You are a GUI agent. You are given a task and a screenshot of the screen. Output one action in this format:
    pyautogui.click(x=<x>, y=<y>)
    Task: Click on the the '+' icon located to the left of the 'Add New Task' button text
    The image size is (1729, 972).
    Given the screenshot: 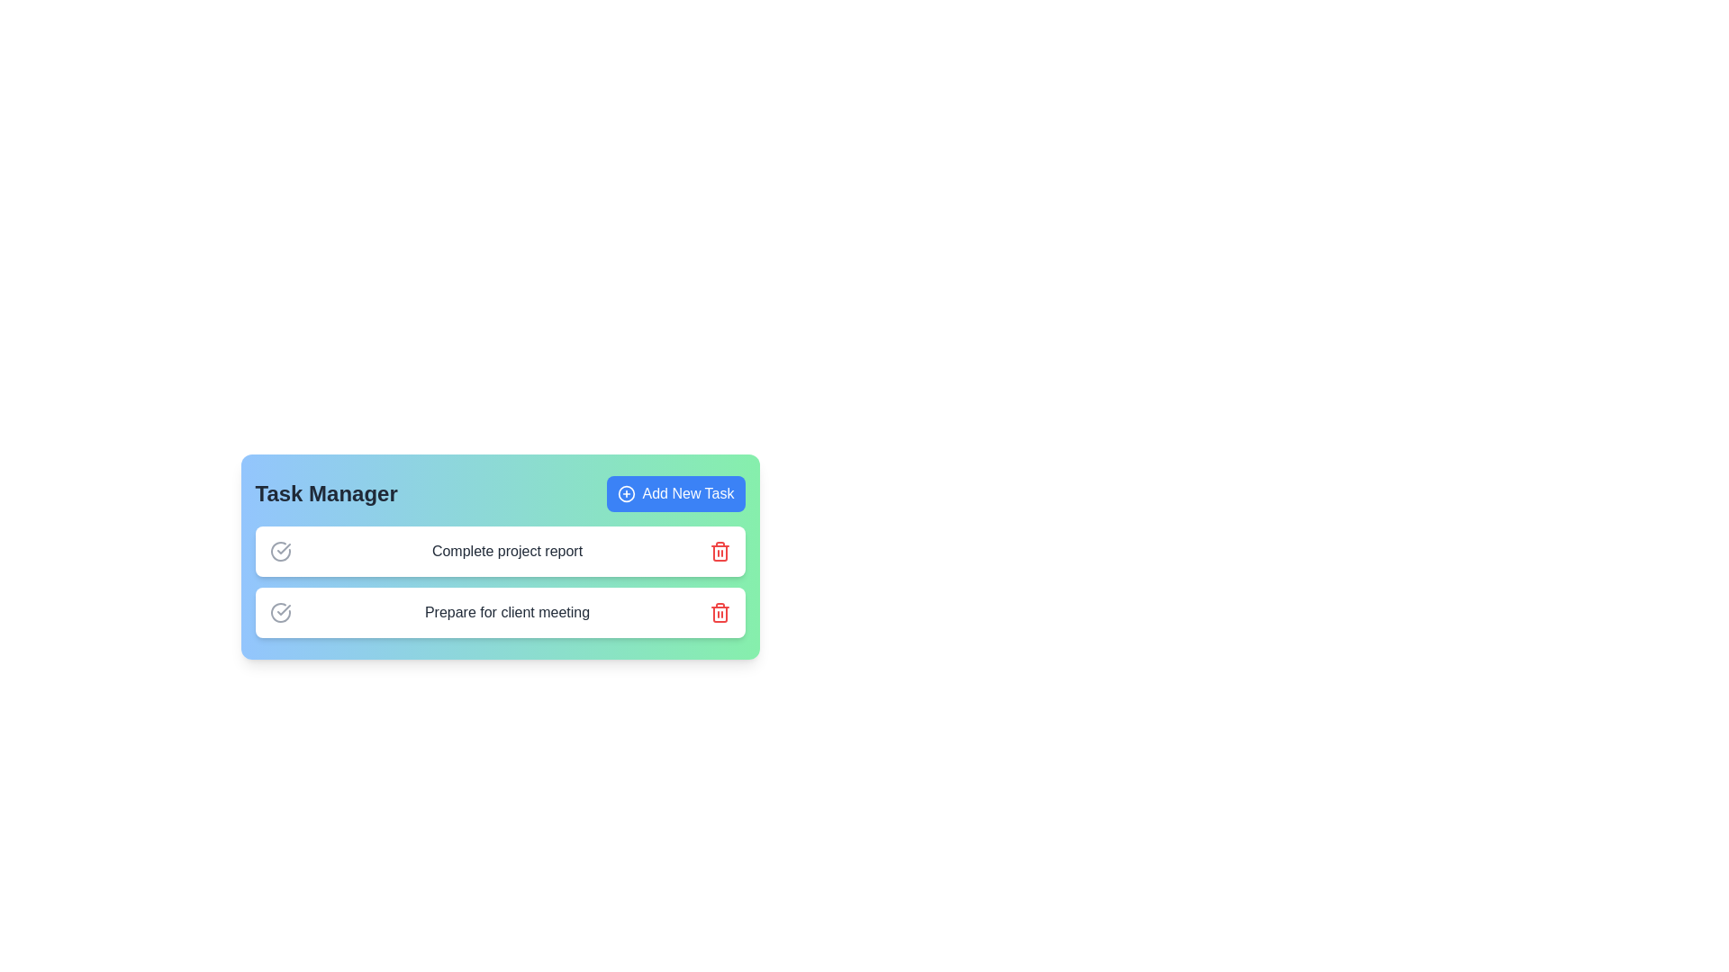 What is the action you would take?
    pyautogui.click(x=626, y=493)
    